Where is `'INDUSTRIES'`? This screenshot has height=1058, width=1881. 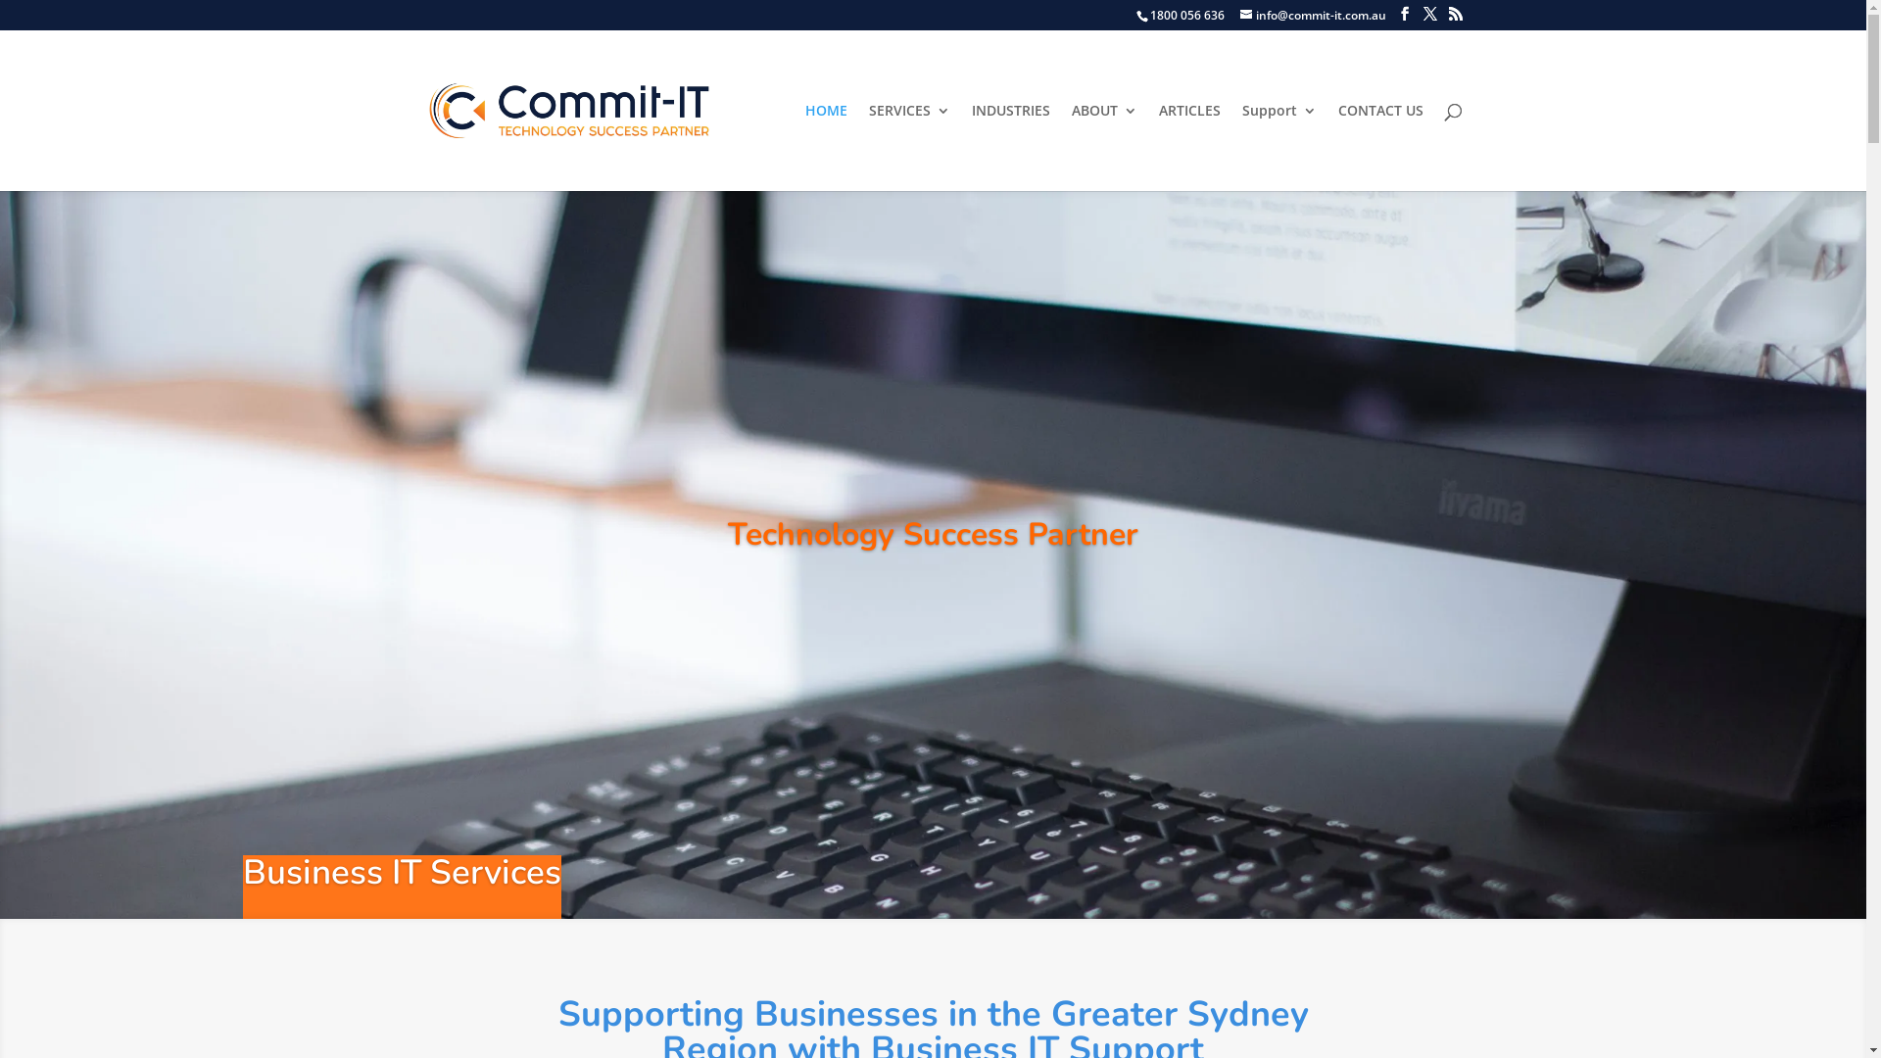
'INDUSTRIES' is located at coordinates (972, 146).